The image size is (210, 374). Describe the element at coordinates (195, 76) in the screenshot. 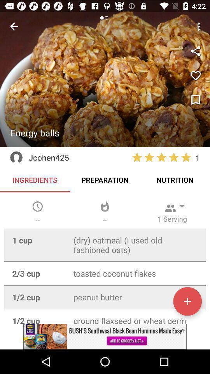

I see `the favorite icon` at that location.